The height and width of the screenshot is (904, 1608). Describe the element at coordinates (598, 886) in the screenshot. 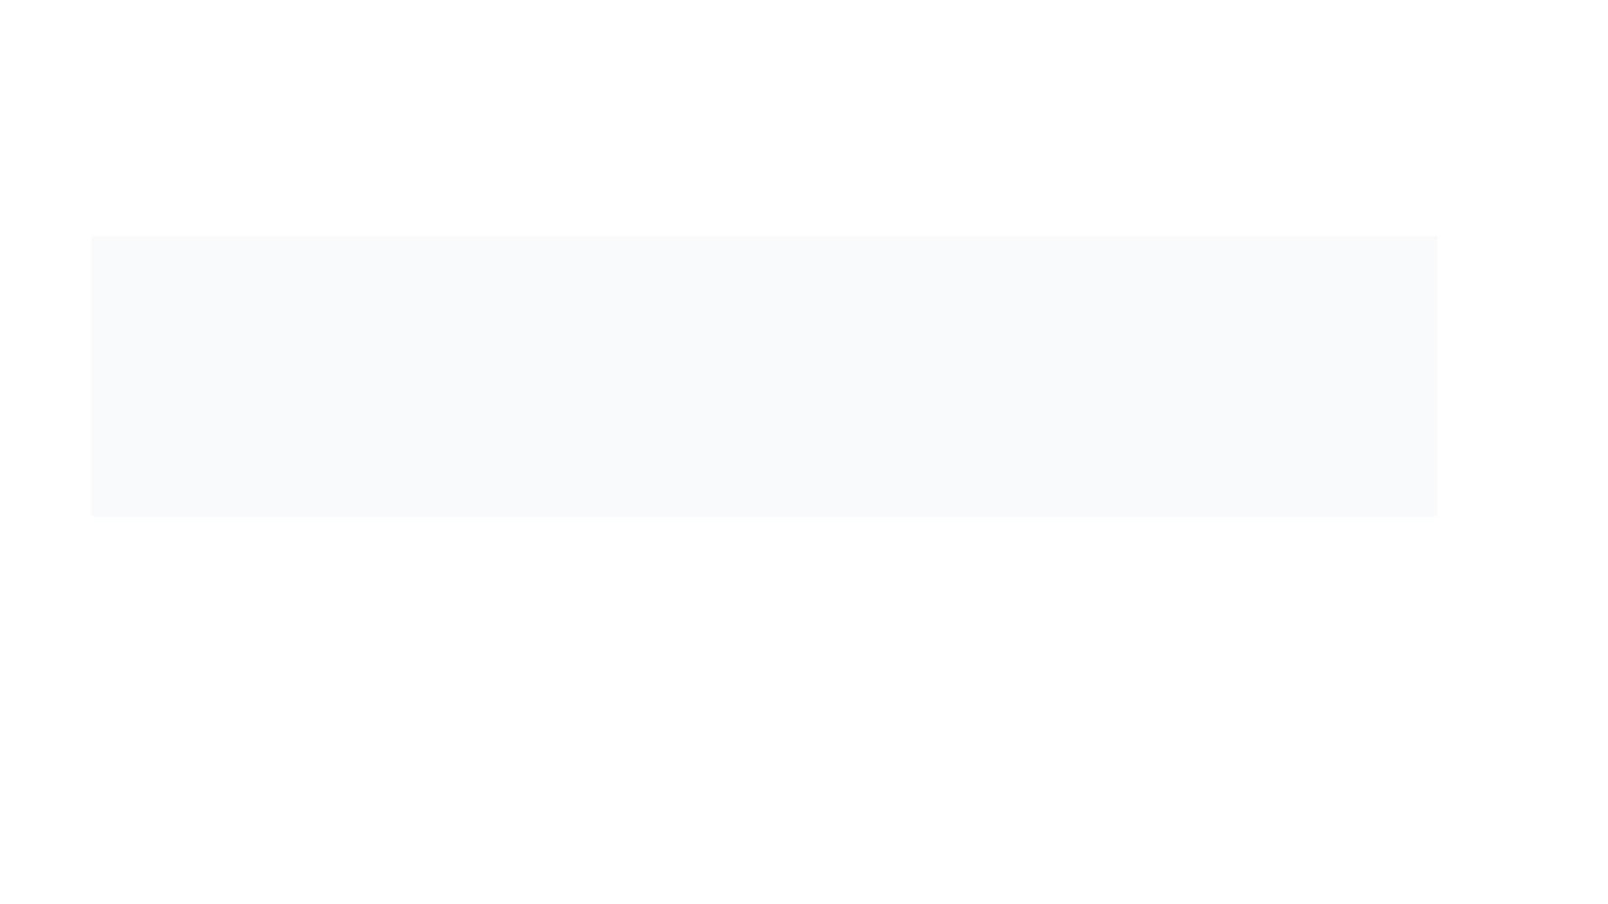

I see `the green circular icon with a checkmark, which indicates a successful action, located to the left of the text 'Task completed successfully.'` at that location.